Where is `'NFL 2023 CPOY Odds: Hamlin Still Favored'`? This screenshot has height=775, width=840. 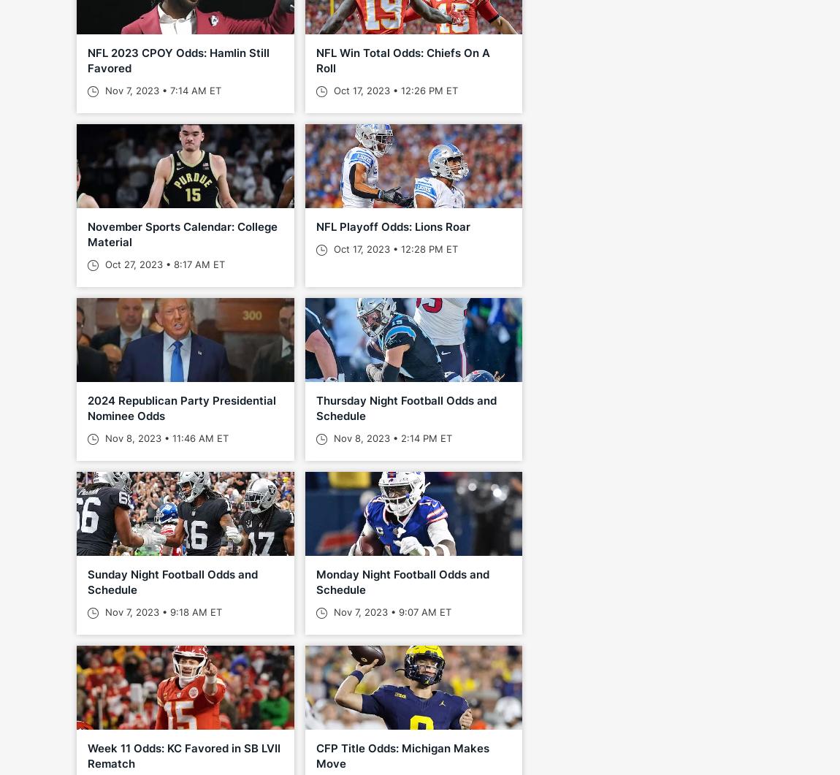 'NFL 2023 CPOY Odds: Hamlin Still Favored' is located at coordinates (177, 60).